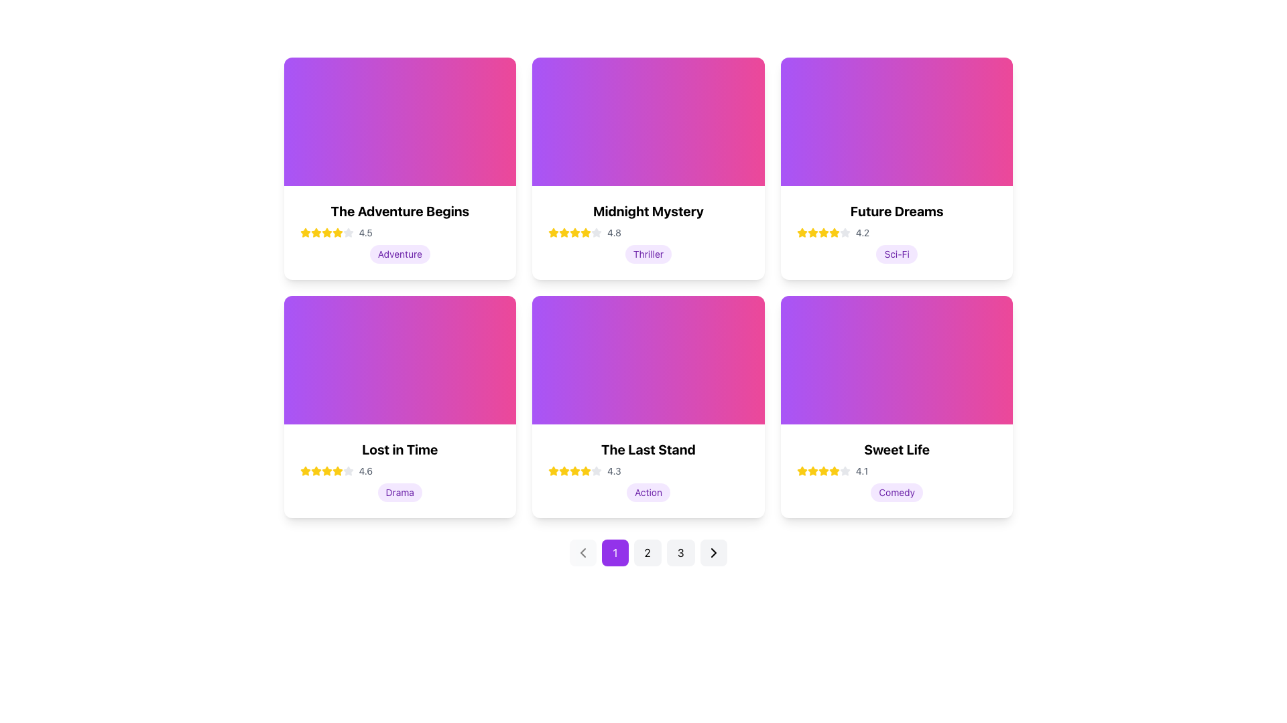 Image resolution: width=1287 pixels, height=723 pixels. I want to click on the sixth filled star icon in the visual rating system located below the text 'The Last Stand' on the second row, middle card in a grid layout, so click(586, 471).